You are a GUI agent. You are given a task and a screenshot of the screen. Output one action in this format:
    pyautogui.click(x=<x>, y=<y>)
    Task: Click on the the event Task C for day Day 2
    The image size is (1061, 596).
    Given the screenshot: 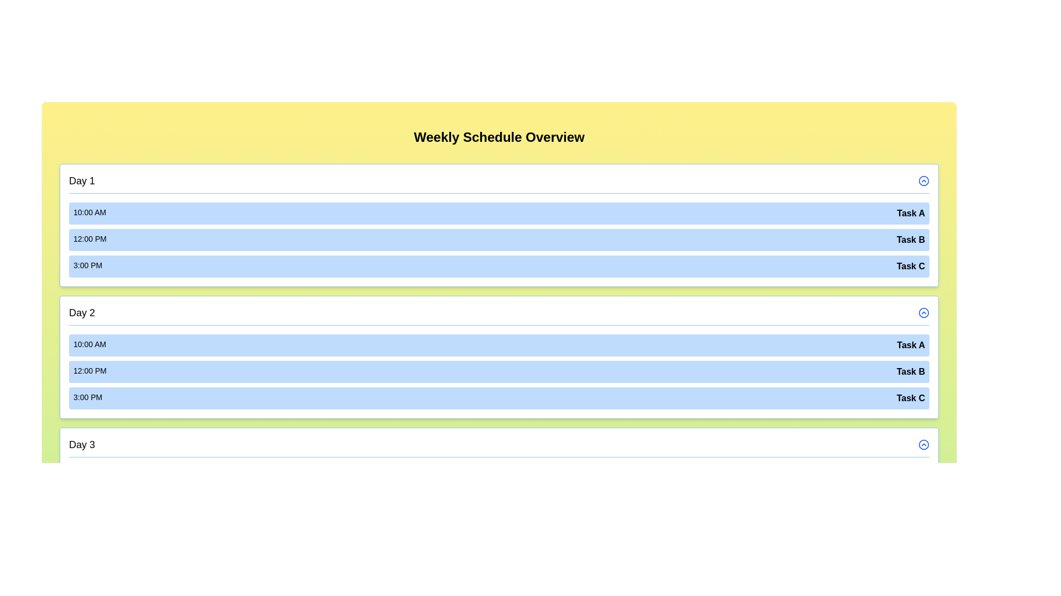 What is the action you would take?
    pyautogui.click(x=498, y=398)
    